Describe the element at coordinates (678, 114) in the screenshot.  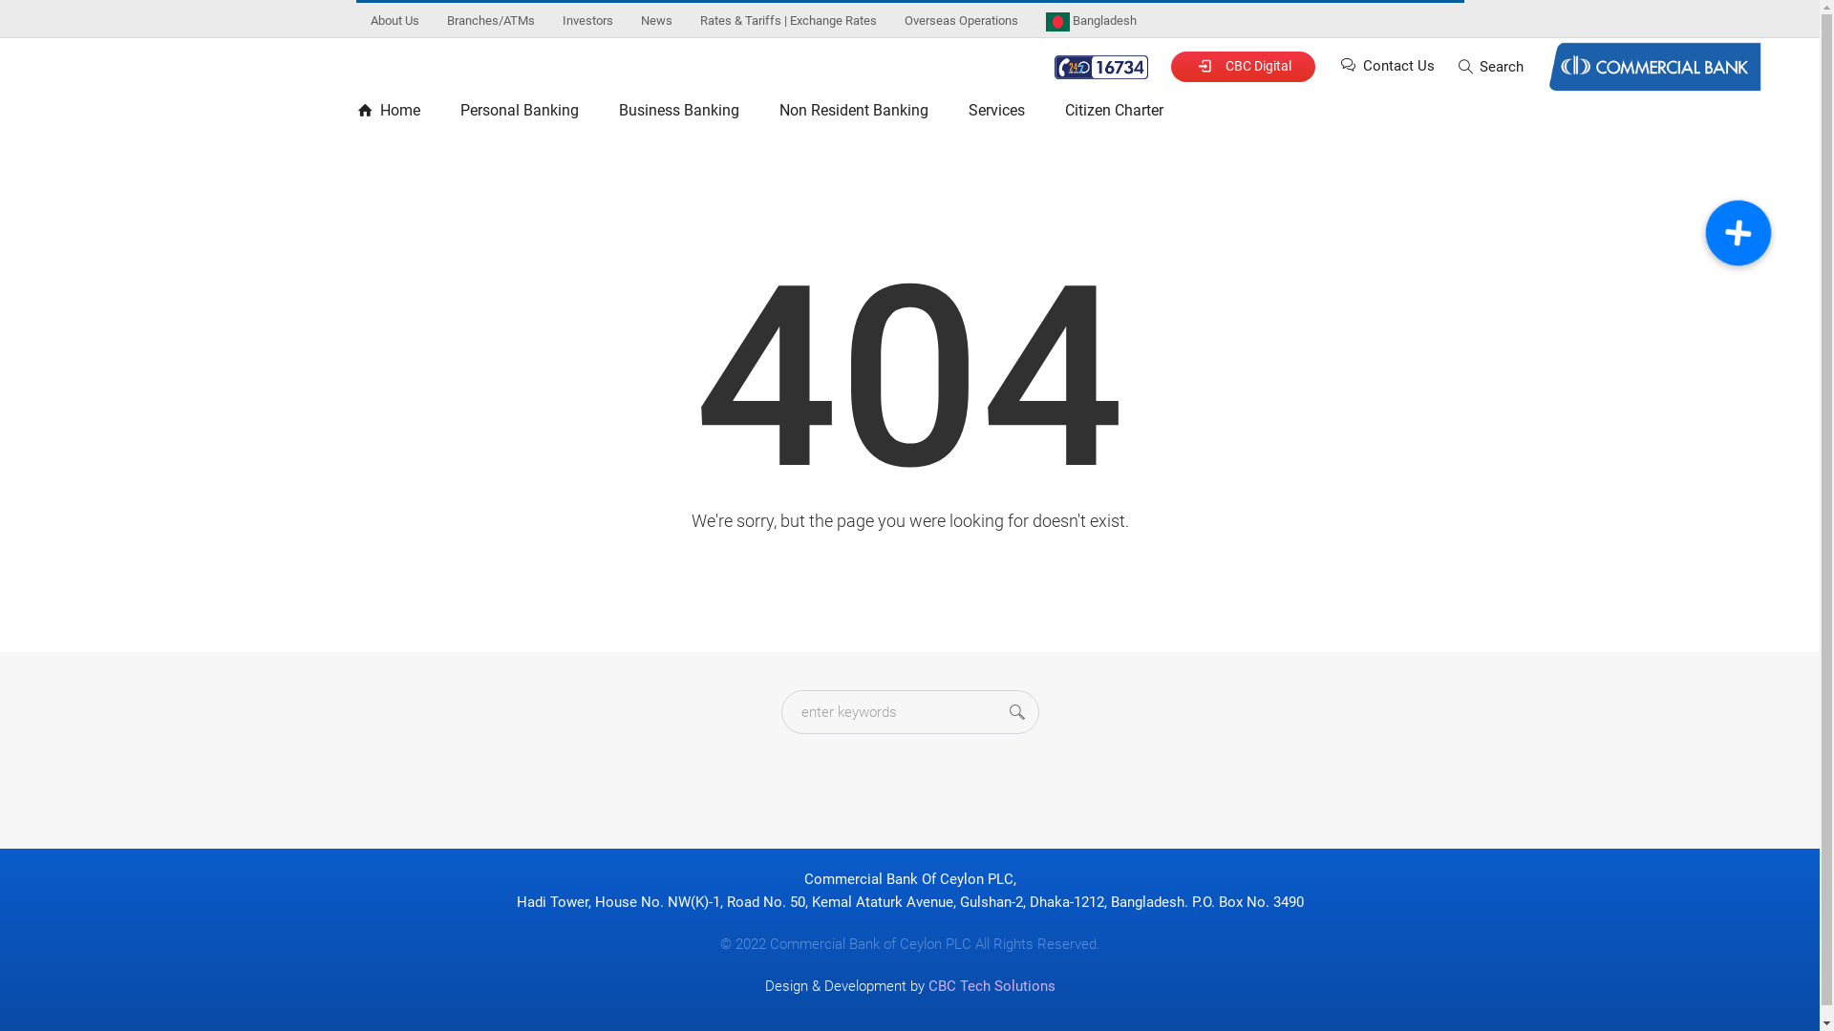
I see `'Business Banking'` at that location.